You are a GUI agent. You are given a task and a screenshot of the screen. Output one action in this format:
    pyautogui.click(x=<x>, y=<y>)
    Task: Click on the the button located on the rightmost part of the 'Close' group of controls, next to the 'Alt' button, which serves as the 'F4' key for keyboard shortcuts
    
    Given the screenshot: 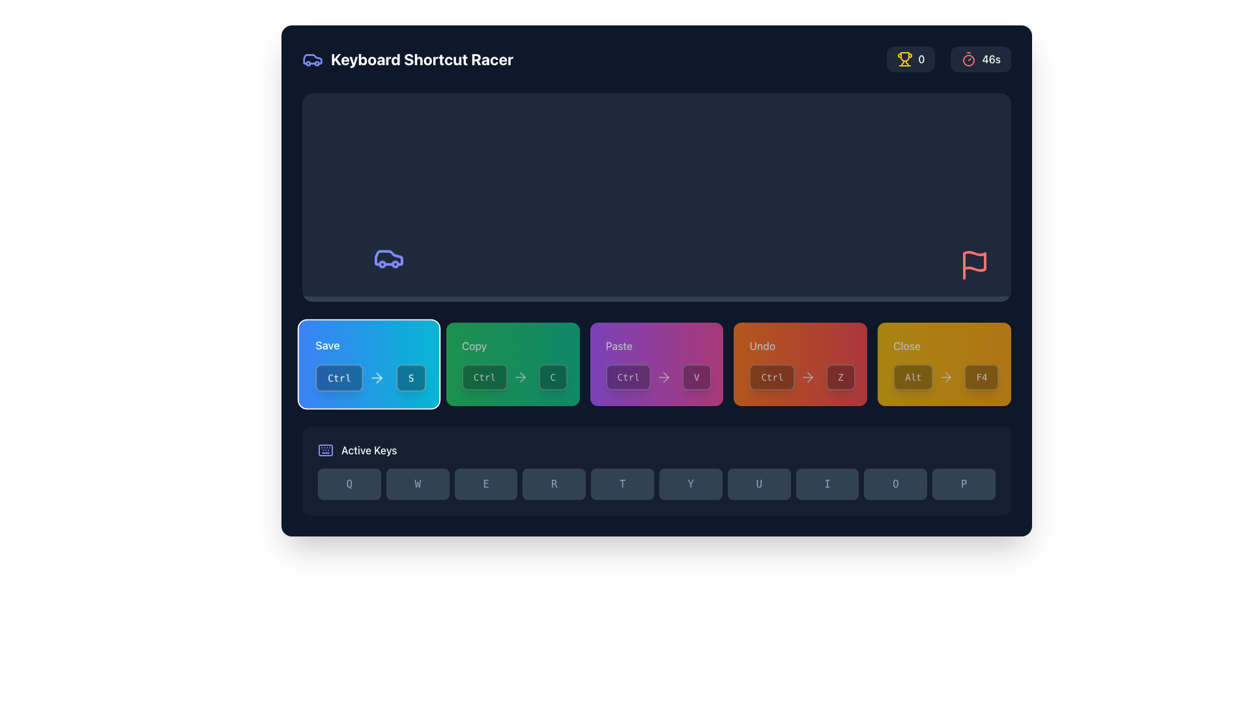 What is the action you would take?
    pyautogui.click(x=981, y=377)
    